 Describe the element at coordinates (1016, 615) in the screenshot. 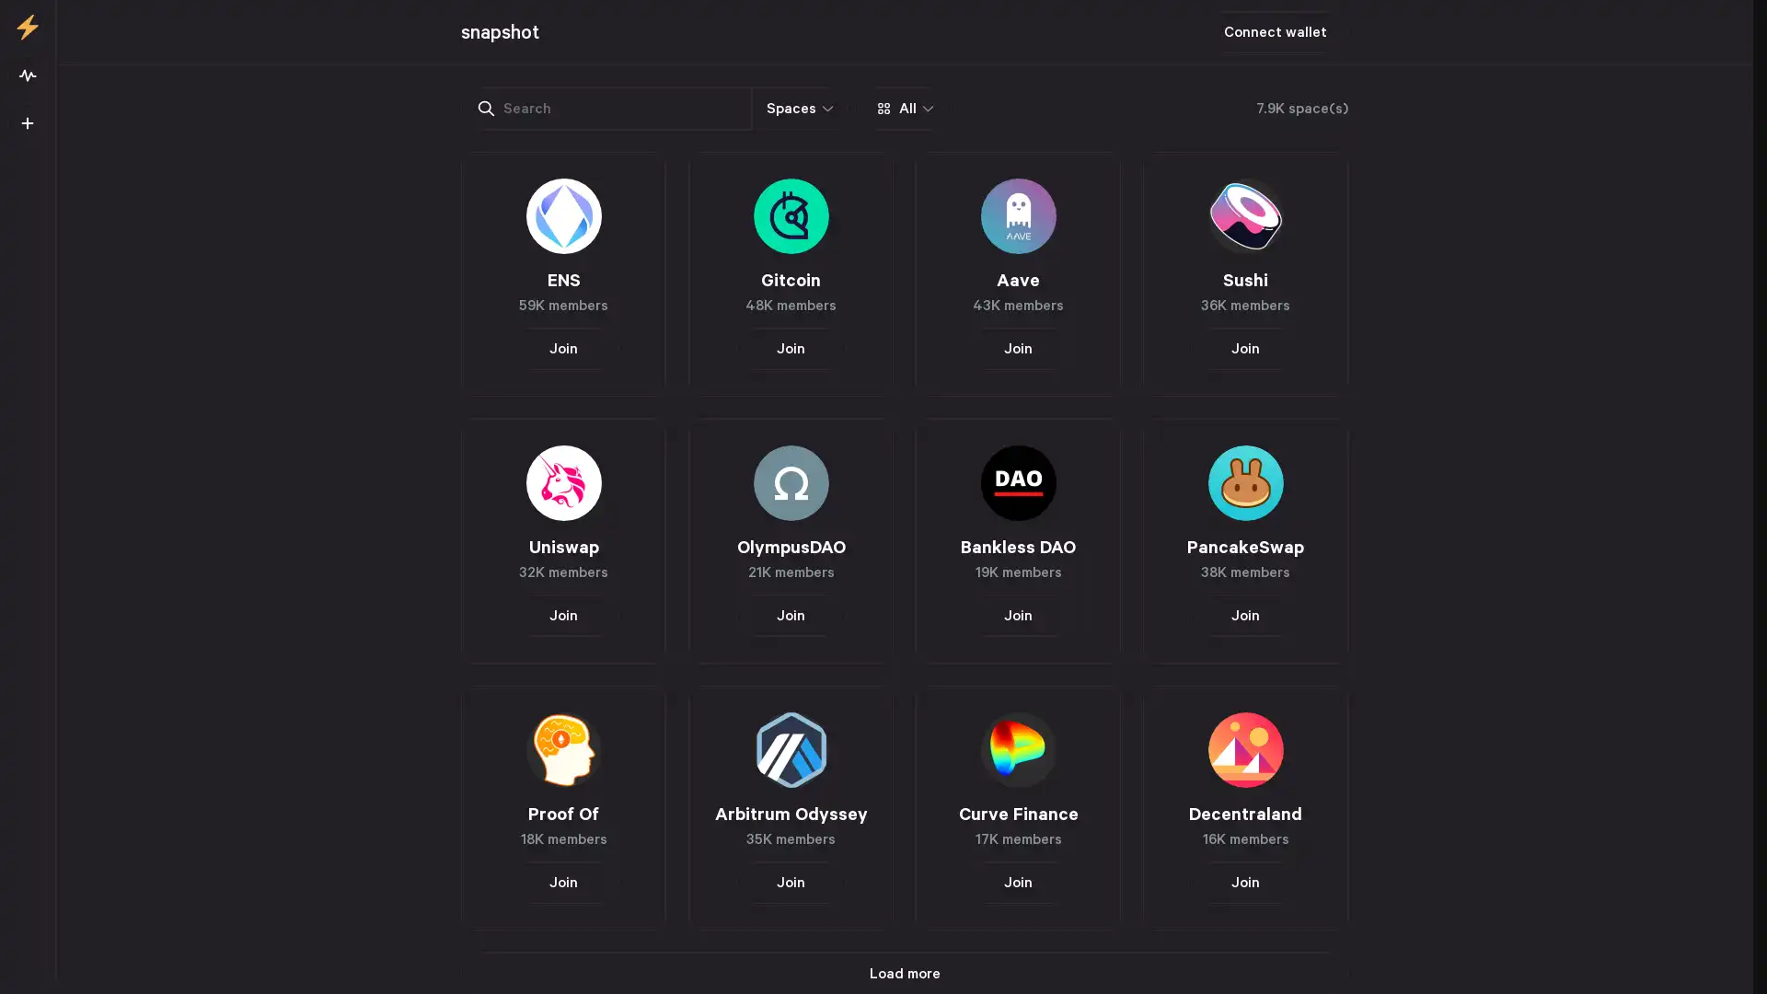

I see `Join` at that location.